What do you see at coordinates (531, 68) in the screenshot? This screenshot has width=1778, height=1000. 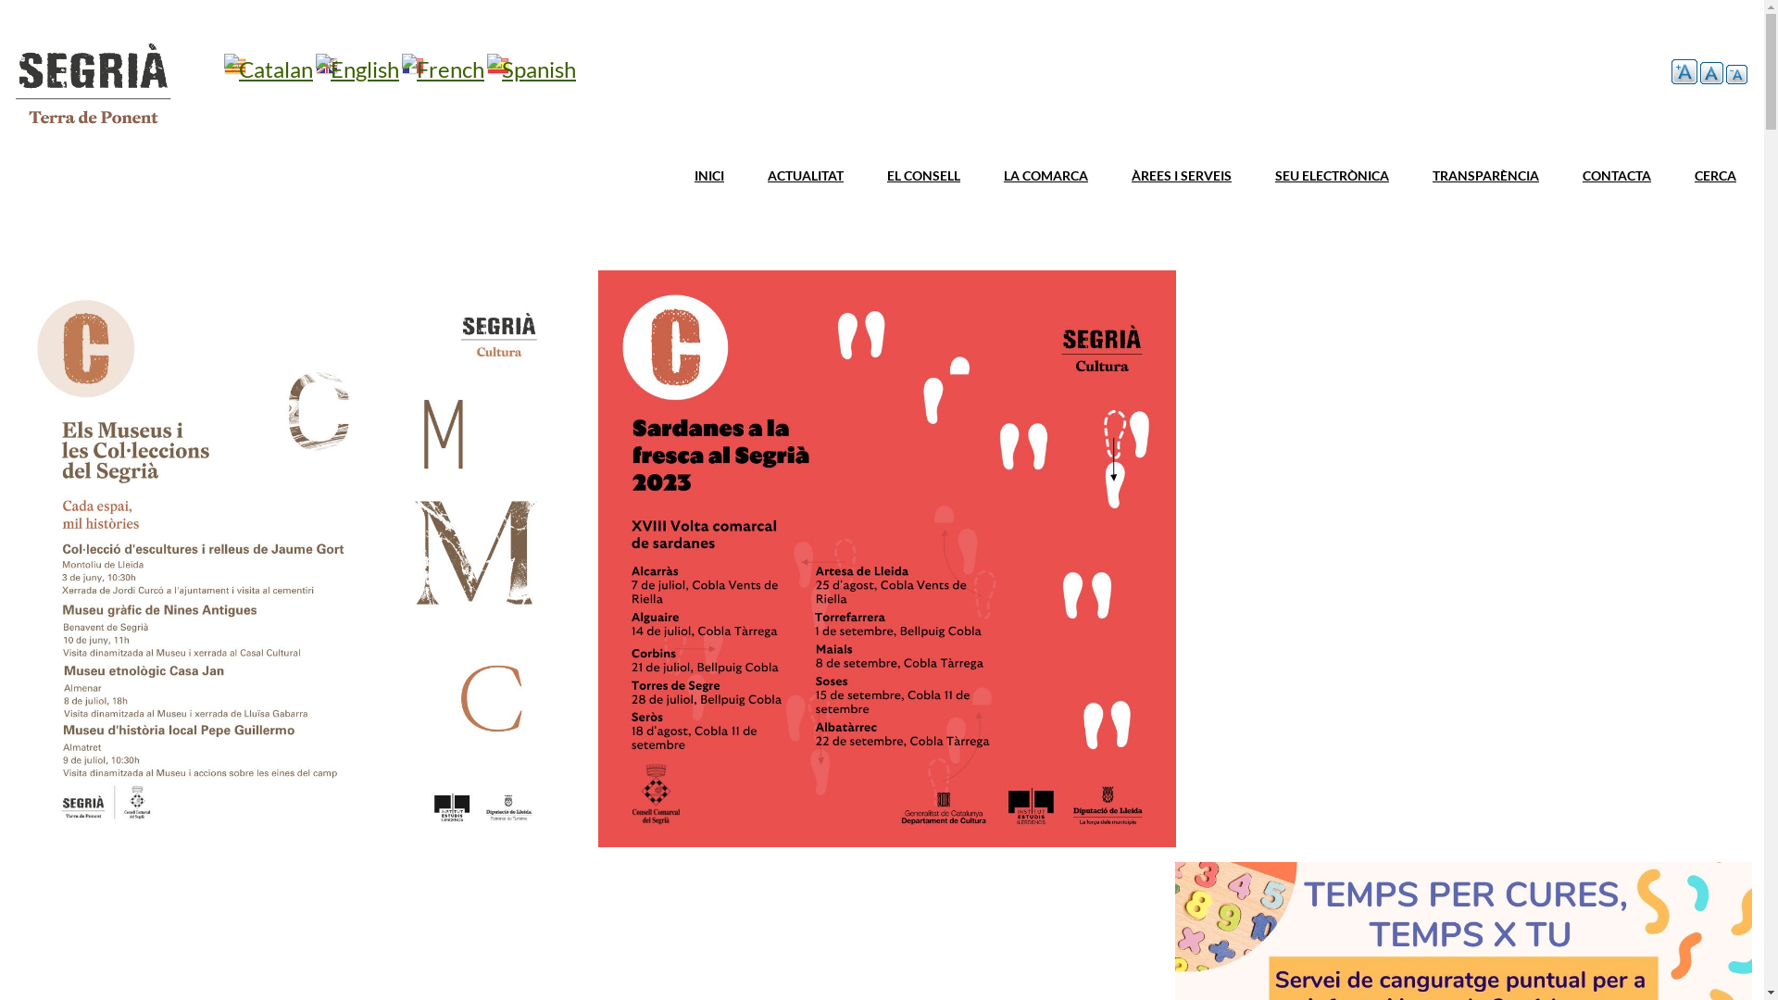 I see `'Spanish'` at bounding box center [531, 68].